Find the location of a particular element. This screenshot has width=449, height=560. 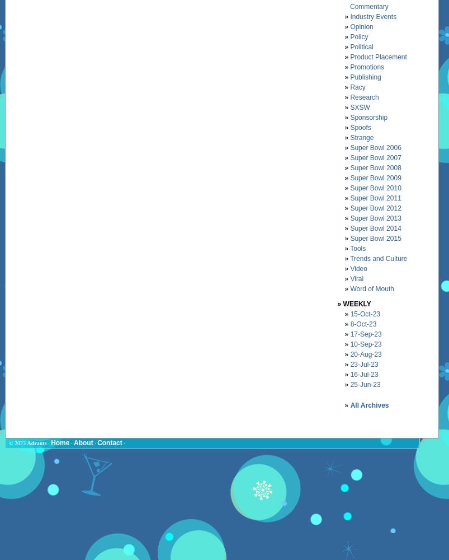

'Super Bowl 2013' is located at coordinates (375, 218).